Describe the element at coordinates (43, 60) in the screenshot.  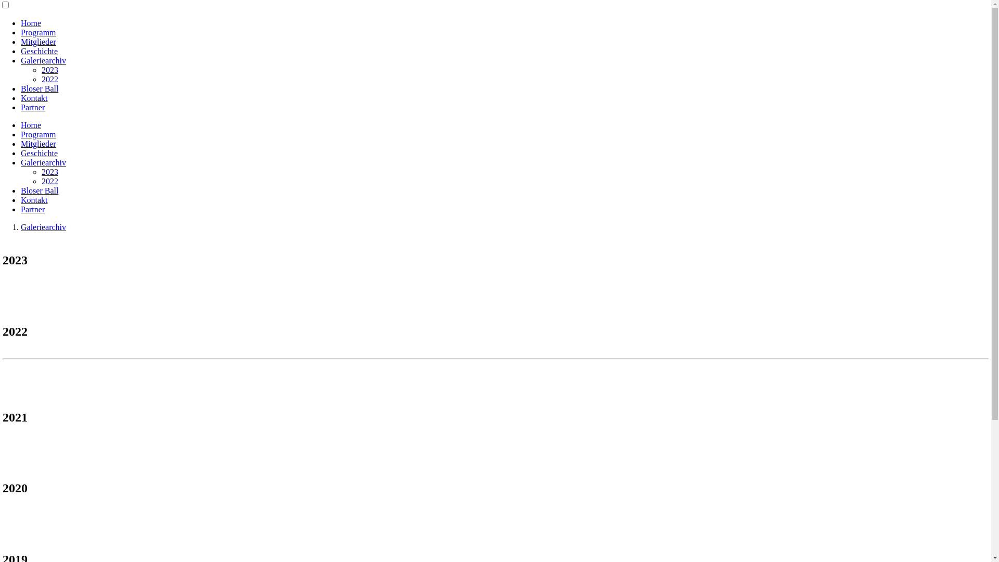
I see `'Galeriearchiv'` at that location.